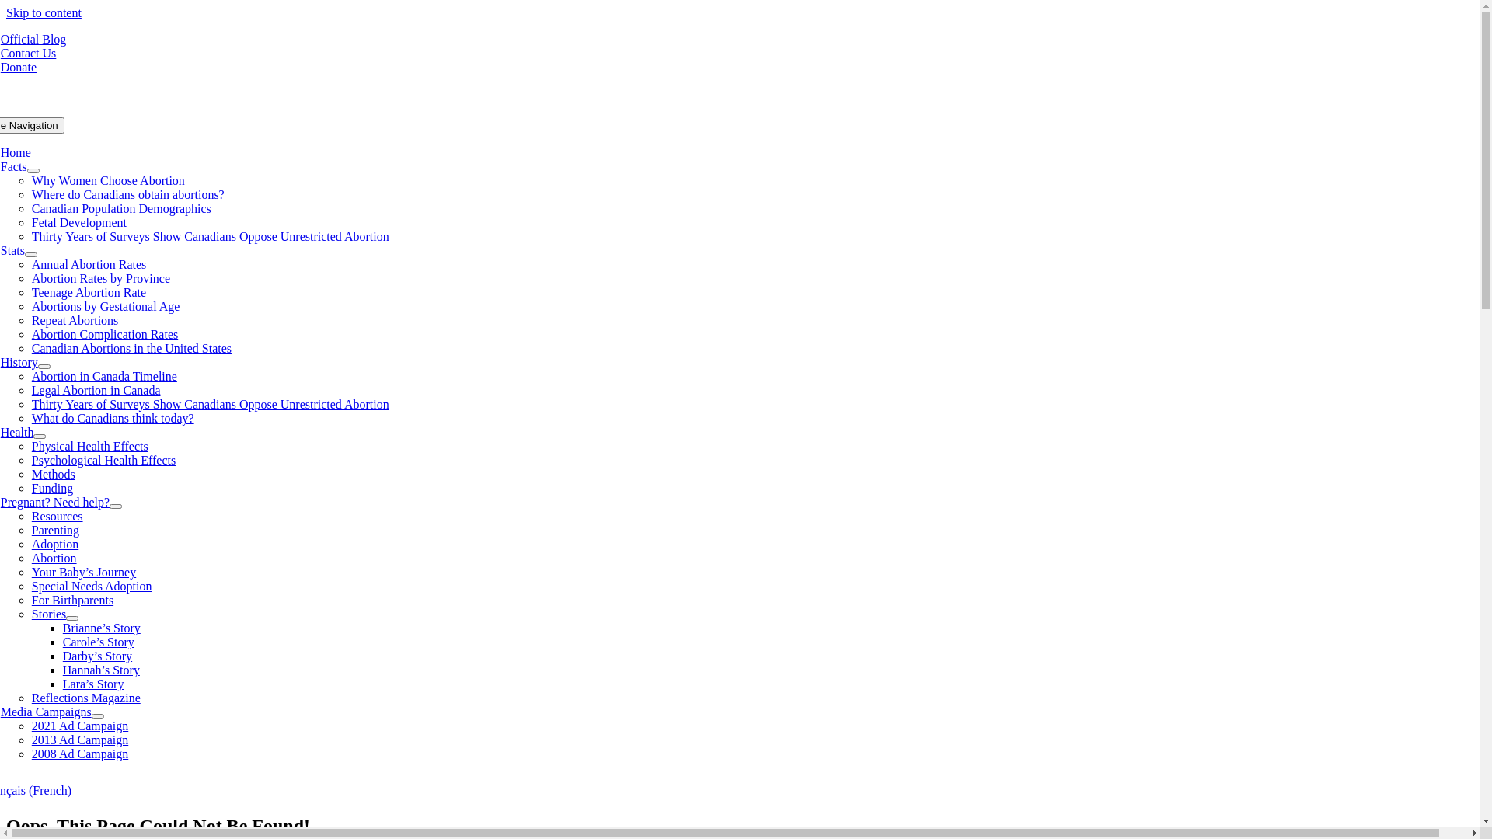 The height and width of the screenshot is (839, 1492). I want to click on 'Donate', so click(19, 66).